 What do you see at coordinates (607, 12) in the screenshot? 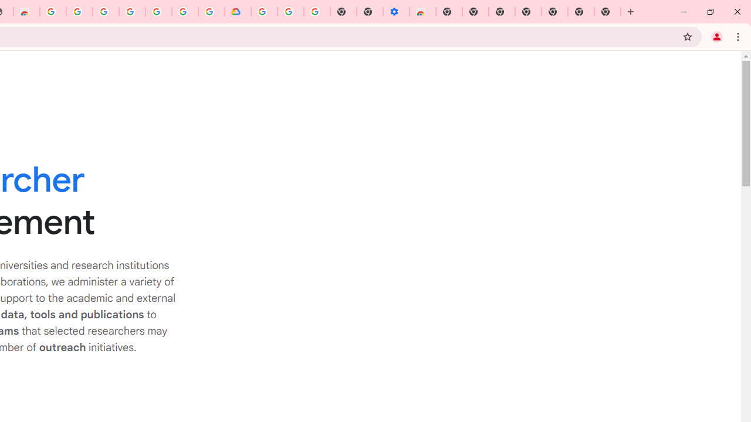
I see `'New Tab'` at bounding box center [607, 12].